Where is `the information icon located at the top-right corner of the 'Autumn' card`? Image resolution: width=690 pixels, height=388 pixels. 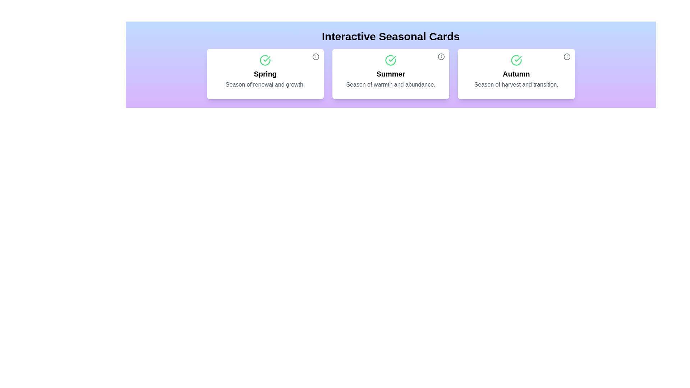 the information icon located at the top-right corner of the 'Autumn' card is located at coordinates (566, 56).